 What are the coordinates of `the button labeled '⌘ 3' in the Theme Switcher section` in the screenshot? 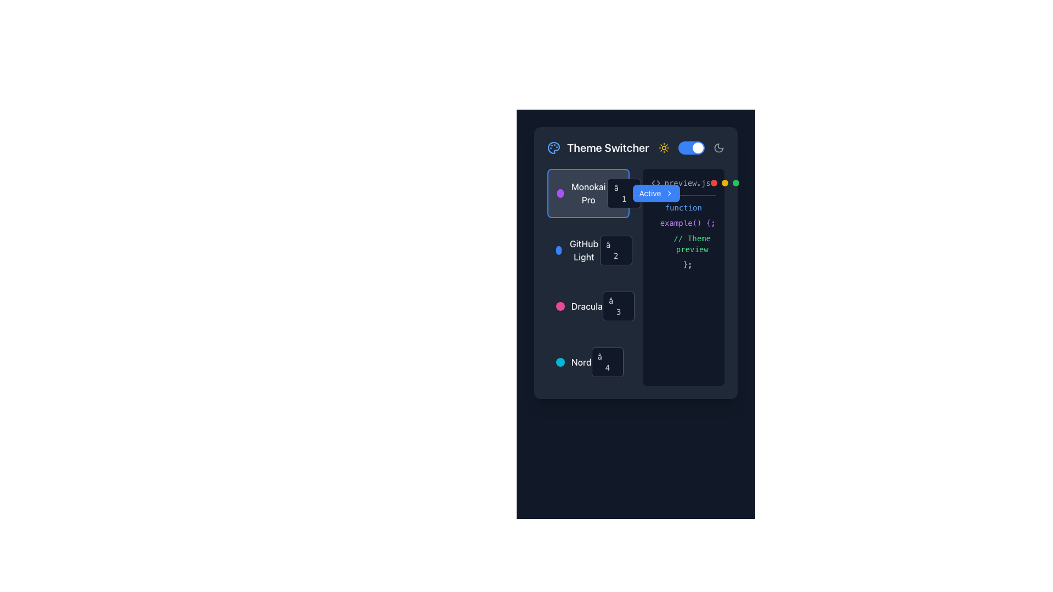 It's located at (619, 306).